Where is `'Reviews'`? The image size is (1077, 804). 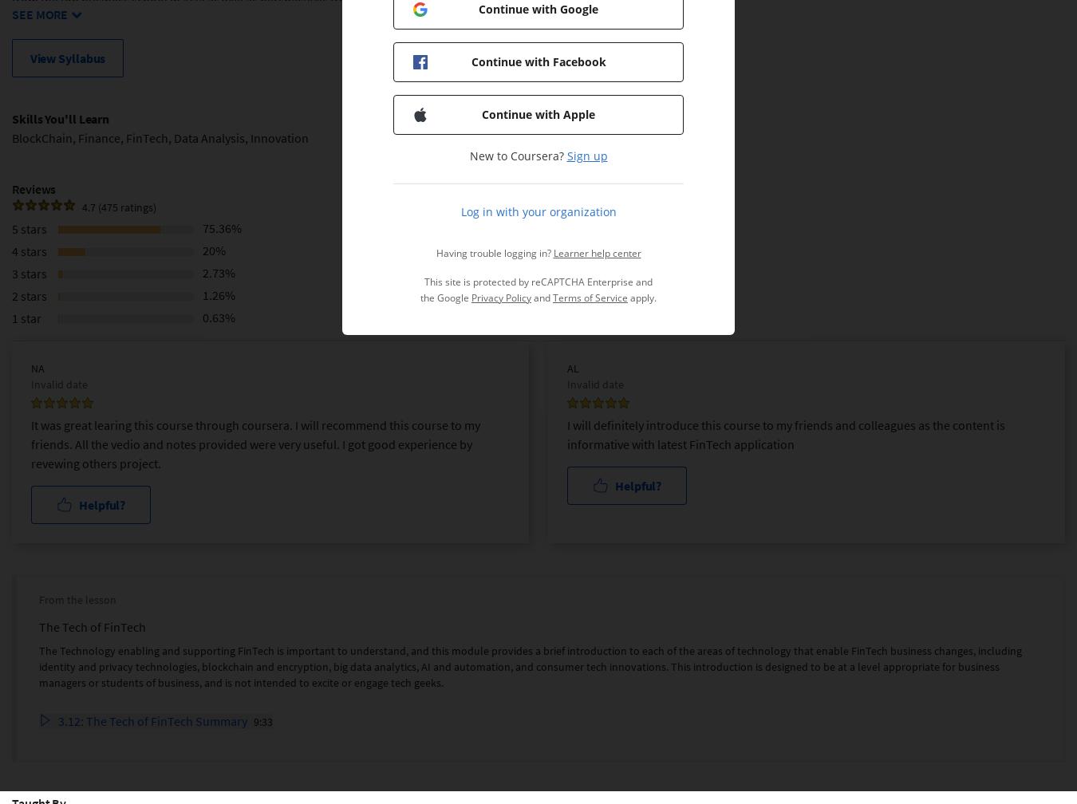 'Reviews' is located at coordinates (10, 187).